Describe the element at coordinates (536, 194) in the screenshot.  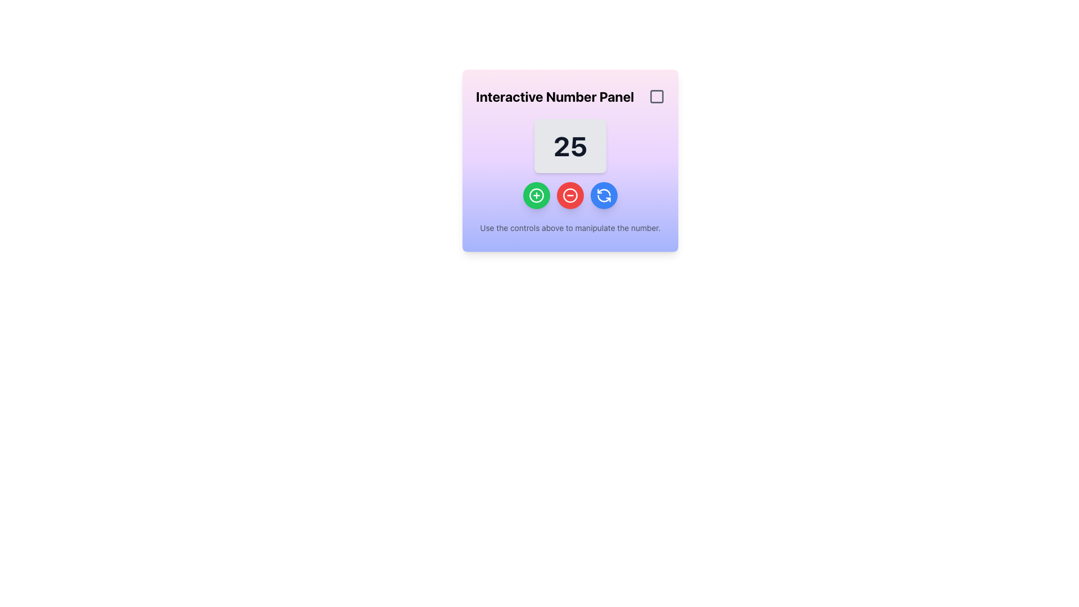
I see `the action button on the left in the row of three buttons below the numeric display` at that location.